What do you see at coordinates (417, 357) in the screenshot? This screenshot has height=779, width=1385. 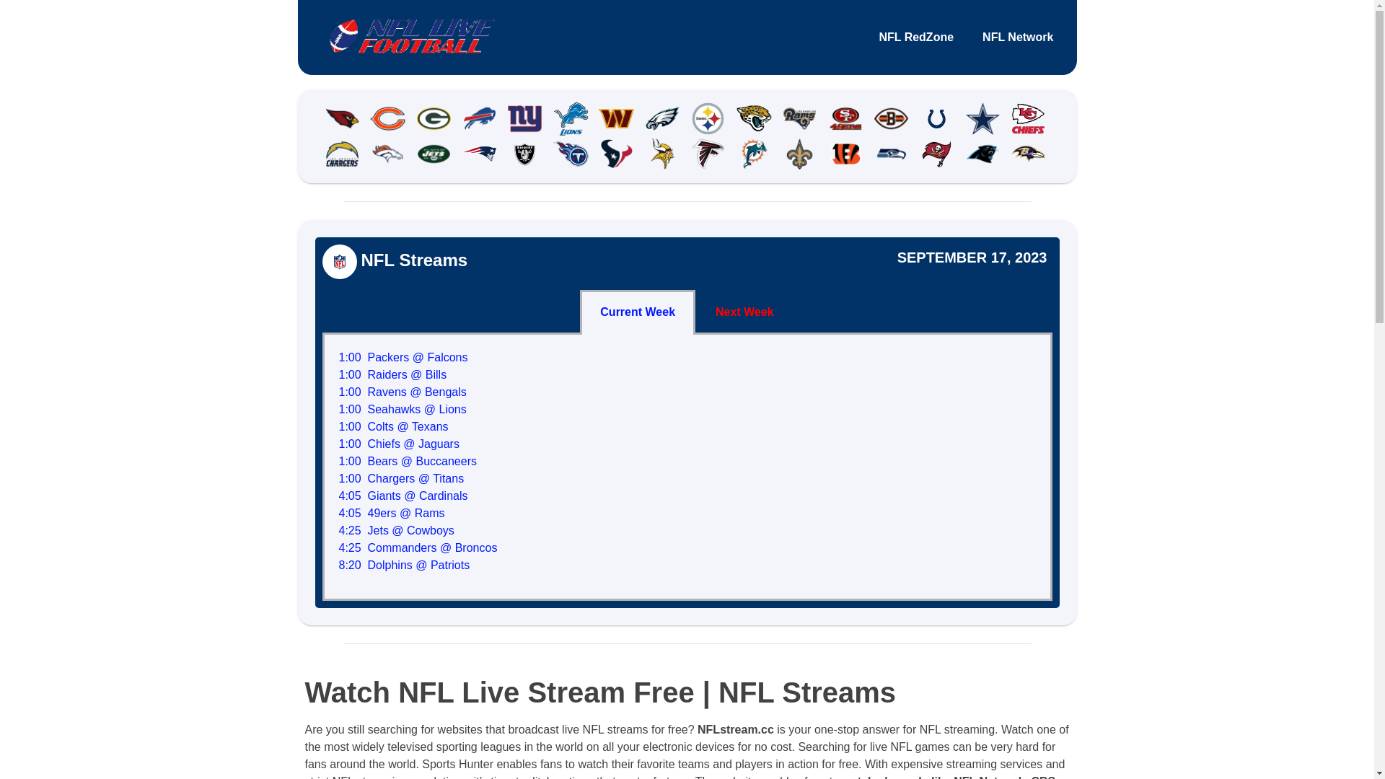 I see `'Packers @ Falcons'` at bounding box center [417, 357].